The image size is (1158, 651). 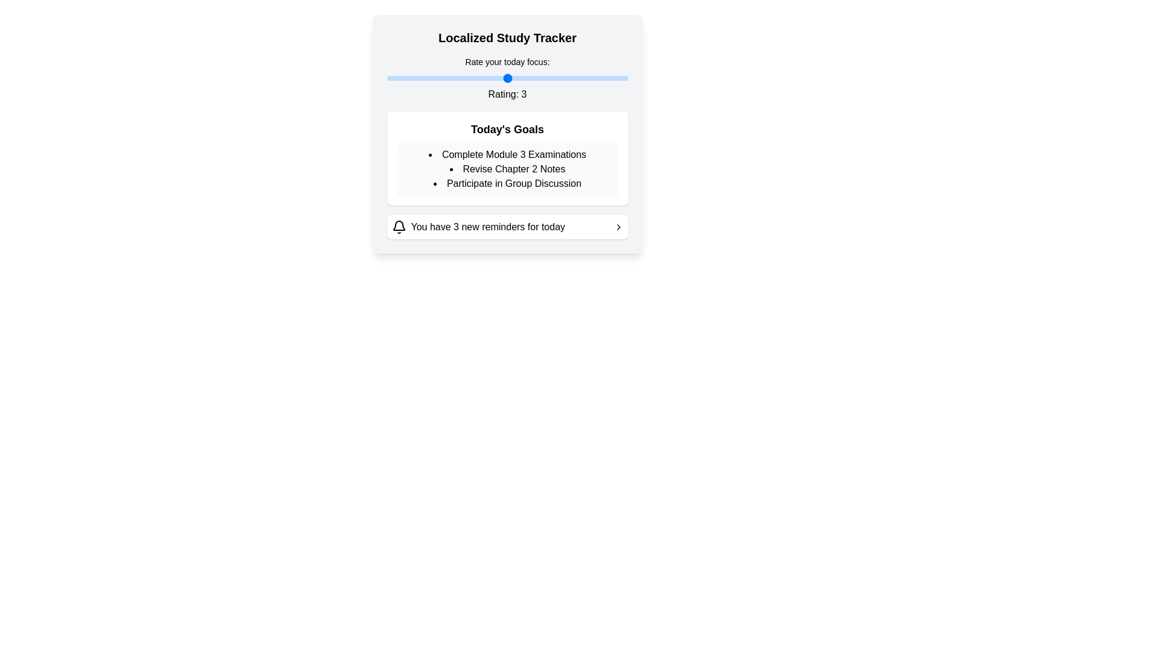 I want to click on the text label displaying 'You have 3 new reminders for today', which is centrally positioned between the bell icon and the chevron icon in a white box with rounded corners, so click(x=488, y=227).